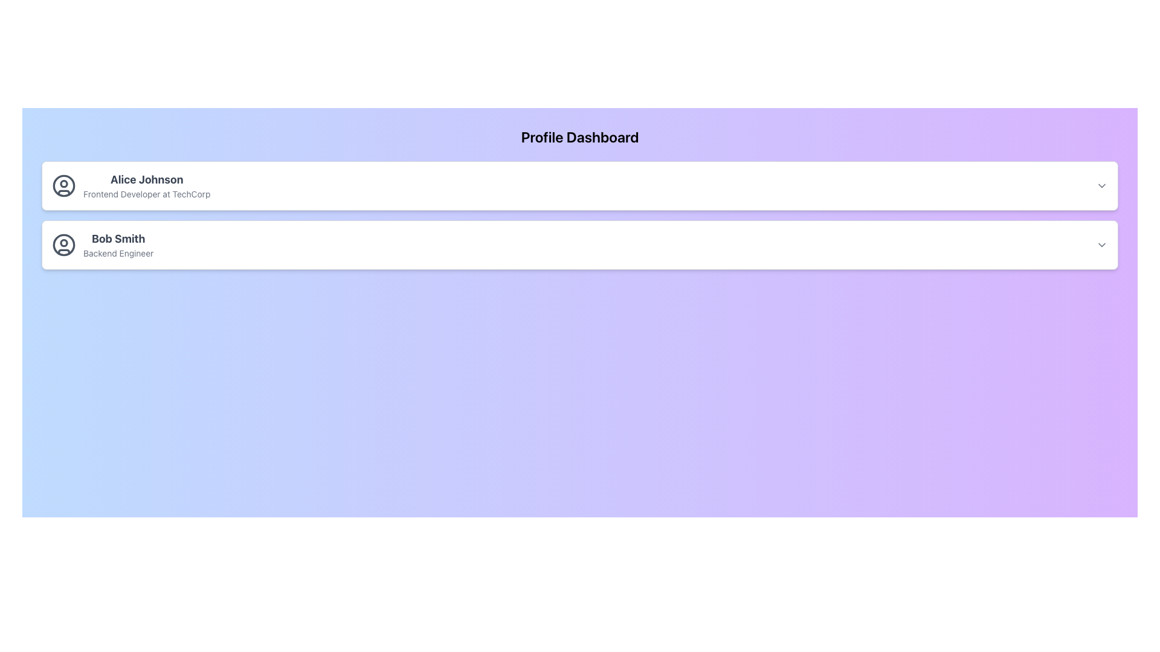 The height and width of the screenshot is (652, 1160). Describe the element at coordinates (118, 253) in the screenshot. I see `the text label that contains 'Backend Engineer' for accessibility tools, positioned beneath 'Bob Smith' in the profile card` at that location.